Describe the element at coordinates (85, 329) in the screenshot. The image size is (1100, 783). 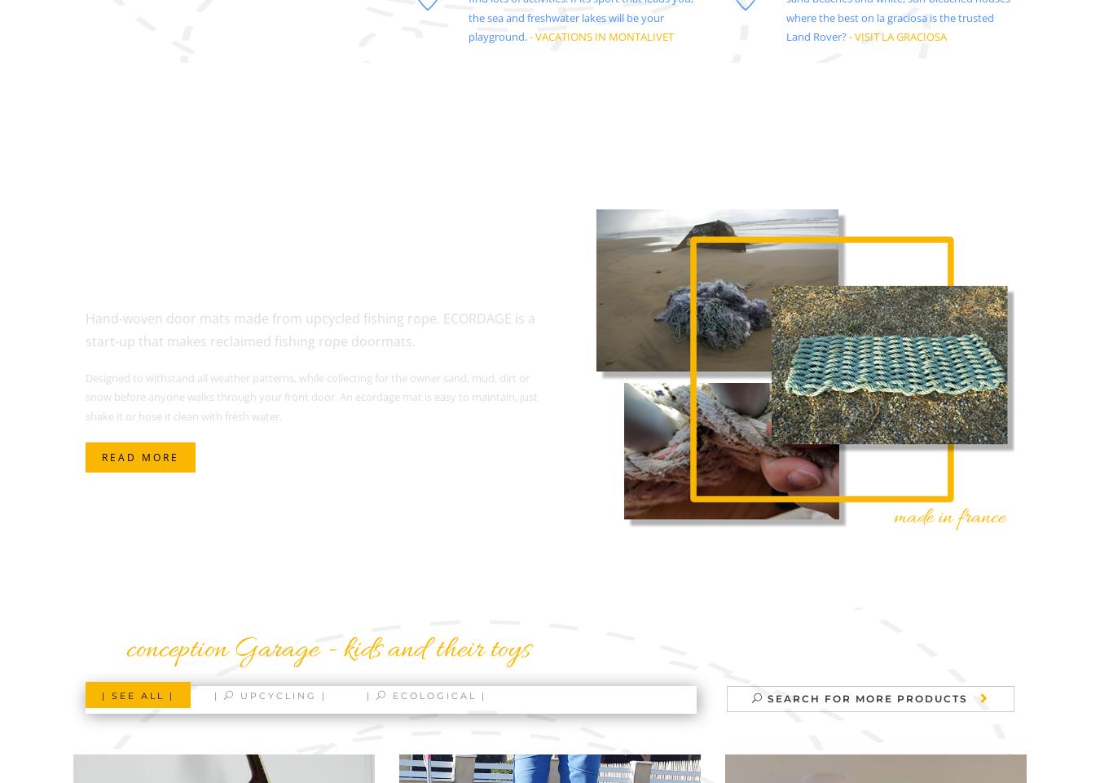
I see `'Hand-woven door mats made from upcycled fishing rope. ECORDAGE is a start-up that makes reclaimed fishing rope doormats.'` at that location.